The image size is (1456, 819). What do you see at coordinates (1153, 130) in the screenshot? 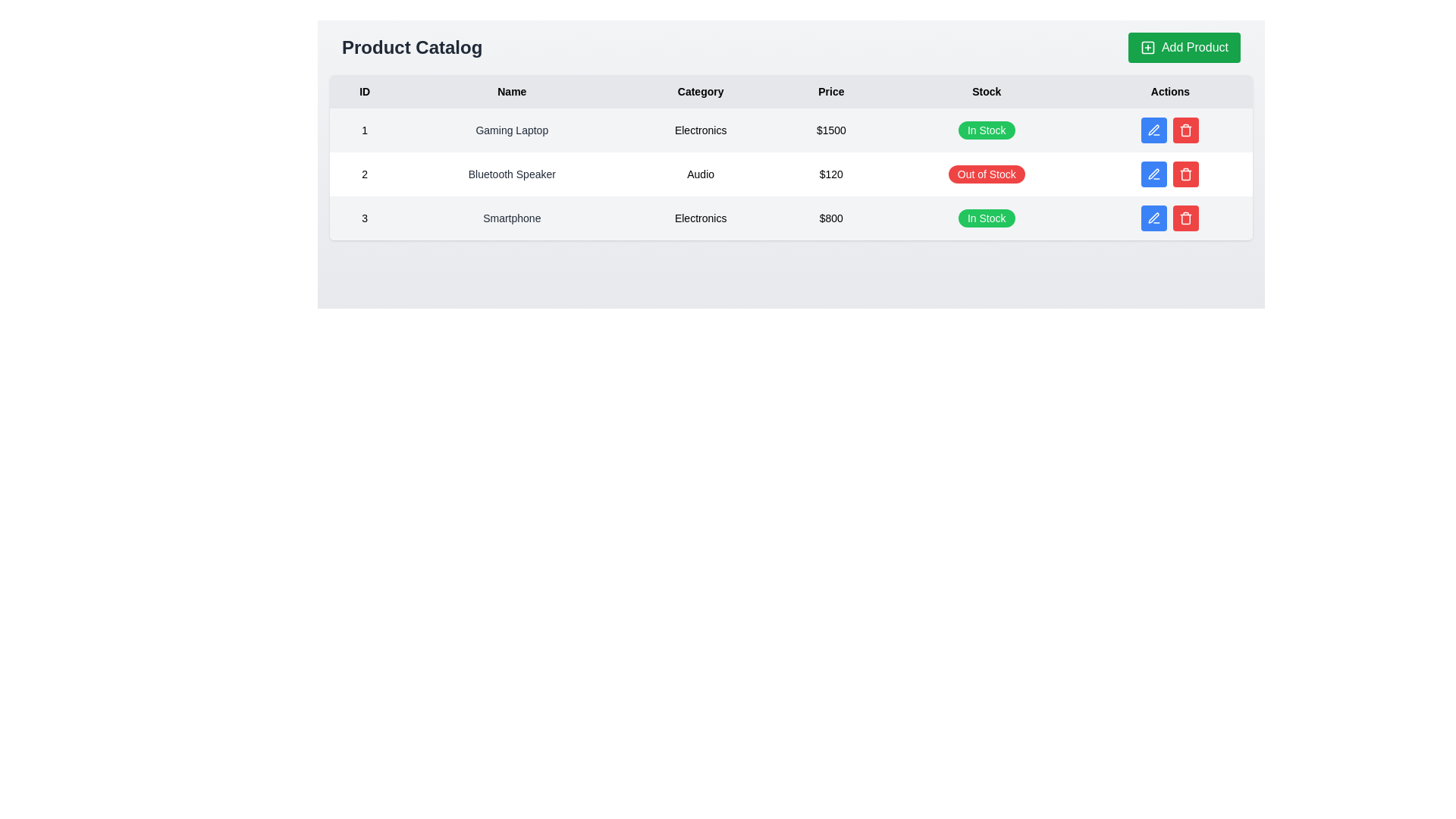
I see `the button with a blue background and pen icon in the Actions column, second row corresponding to the Bluetooth Speaker entry to change its color for visual feedback` at bounding box center [1153, 130].